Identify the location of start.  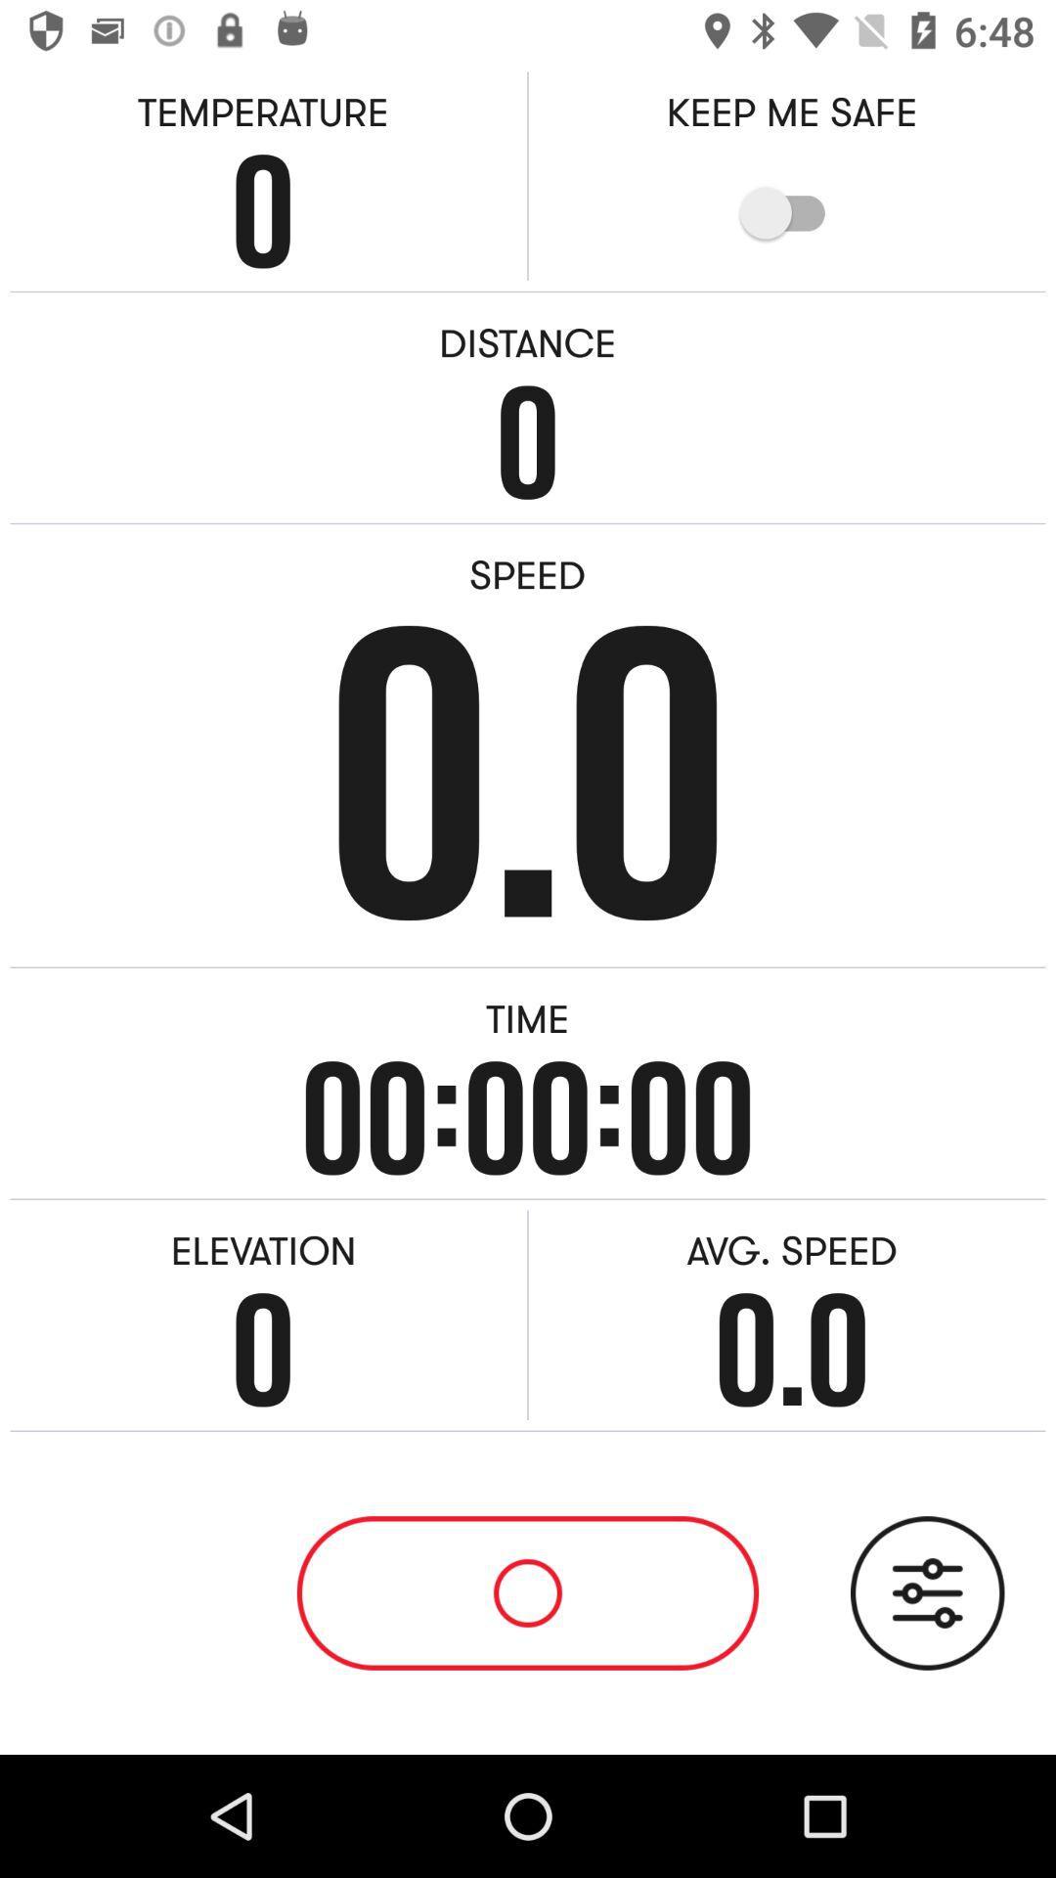
(528, 1592).